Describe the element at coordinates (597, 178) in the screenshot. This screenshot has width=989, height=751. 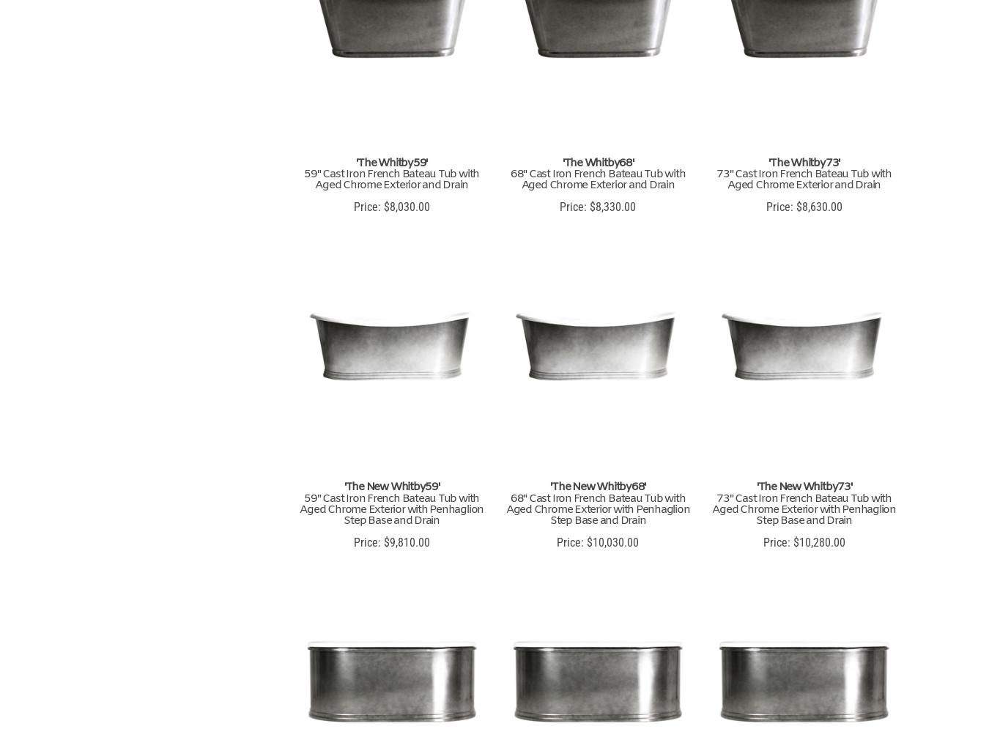
I see `'68" Cast Iron French Bateau Tub with Aged Chrome Exterior and Drain'` at that location.